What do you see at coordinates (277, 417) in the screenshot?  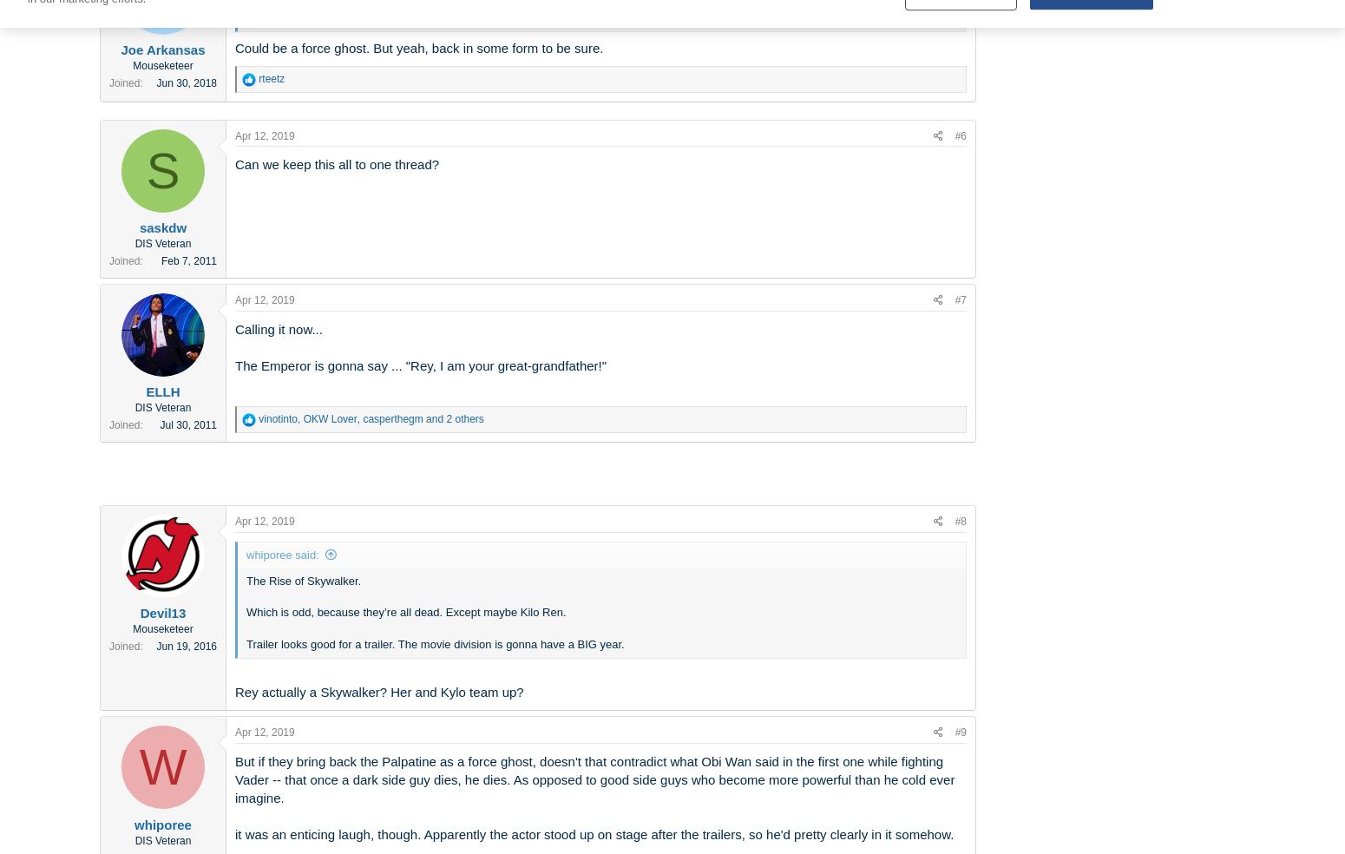 I see `'vinotinto'` at bounding box center [277, 417].